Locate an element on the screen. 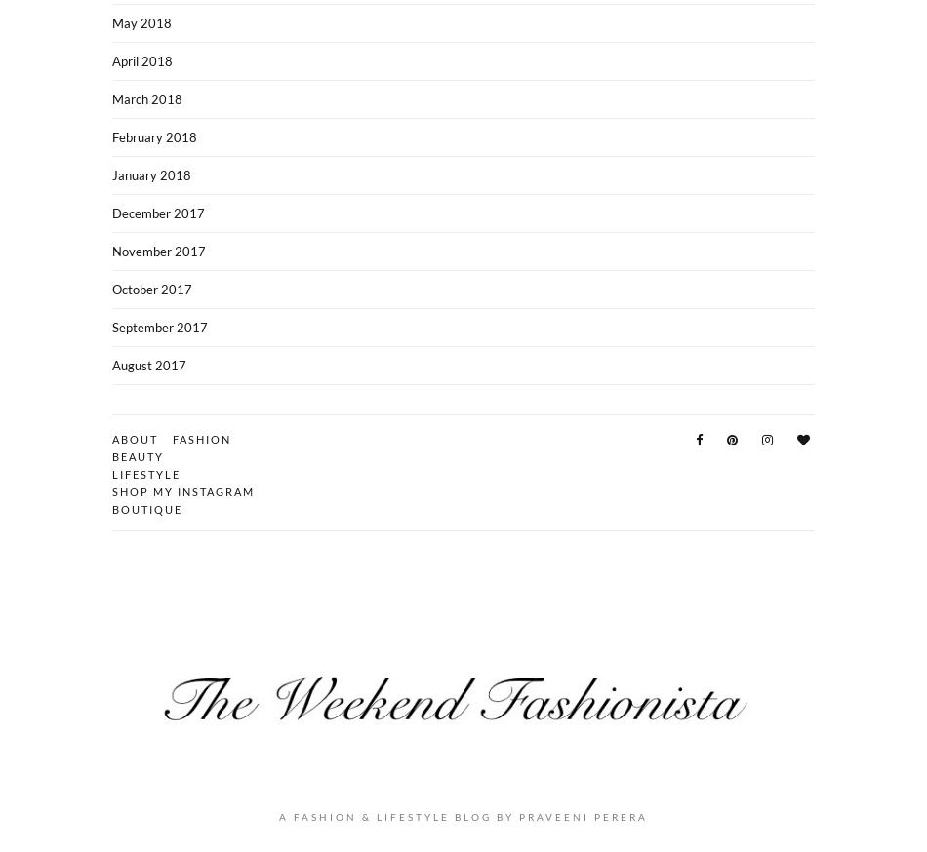 This screenshot has width=927, height=852. 'April 2018' is located at coordinates (142, 60).